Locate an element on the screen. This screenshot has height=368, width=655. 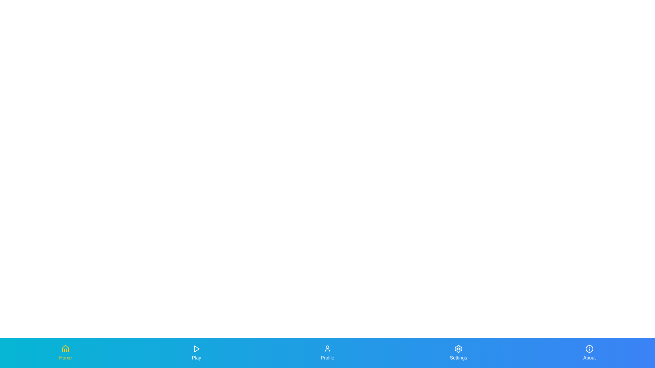
the tab labeled 'Home' is located at coordinates (65, 353).